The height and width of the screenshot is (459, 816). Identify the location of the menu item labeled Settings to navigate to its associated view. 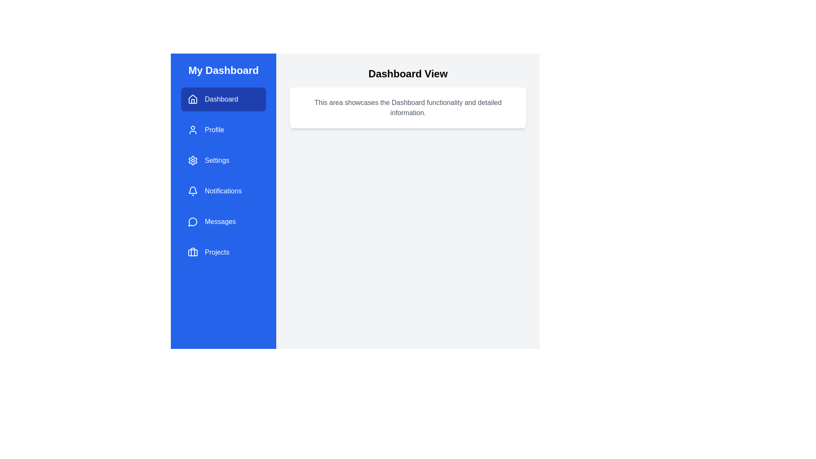
(224, 161).